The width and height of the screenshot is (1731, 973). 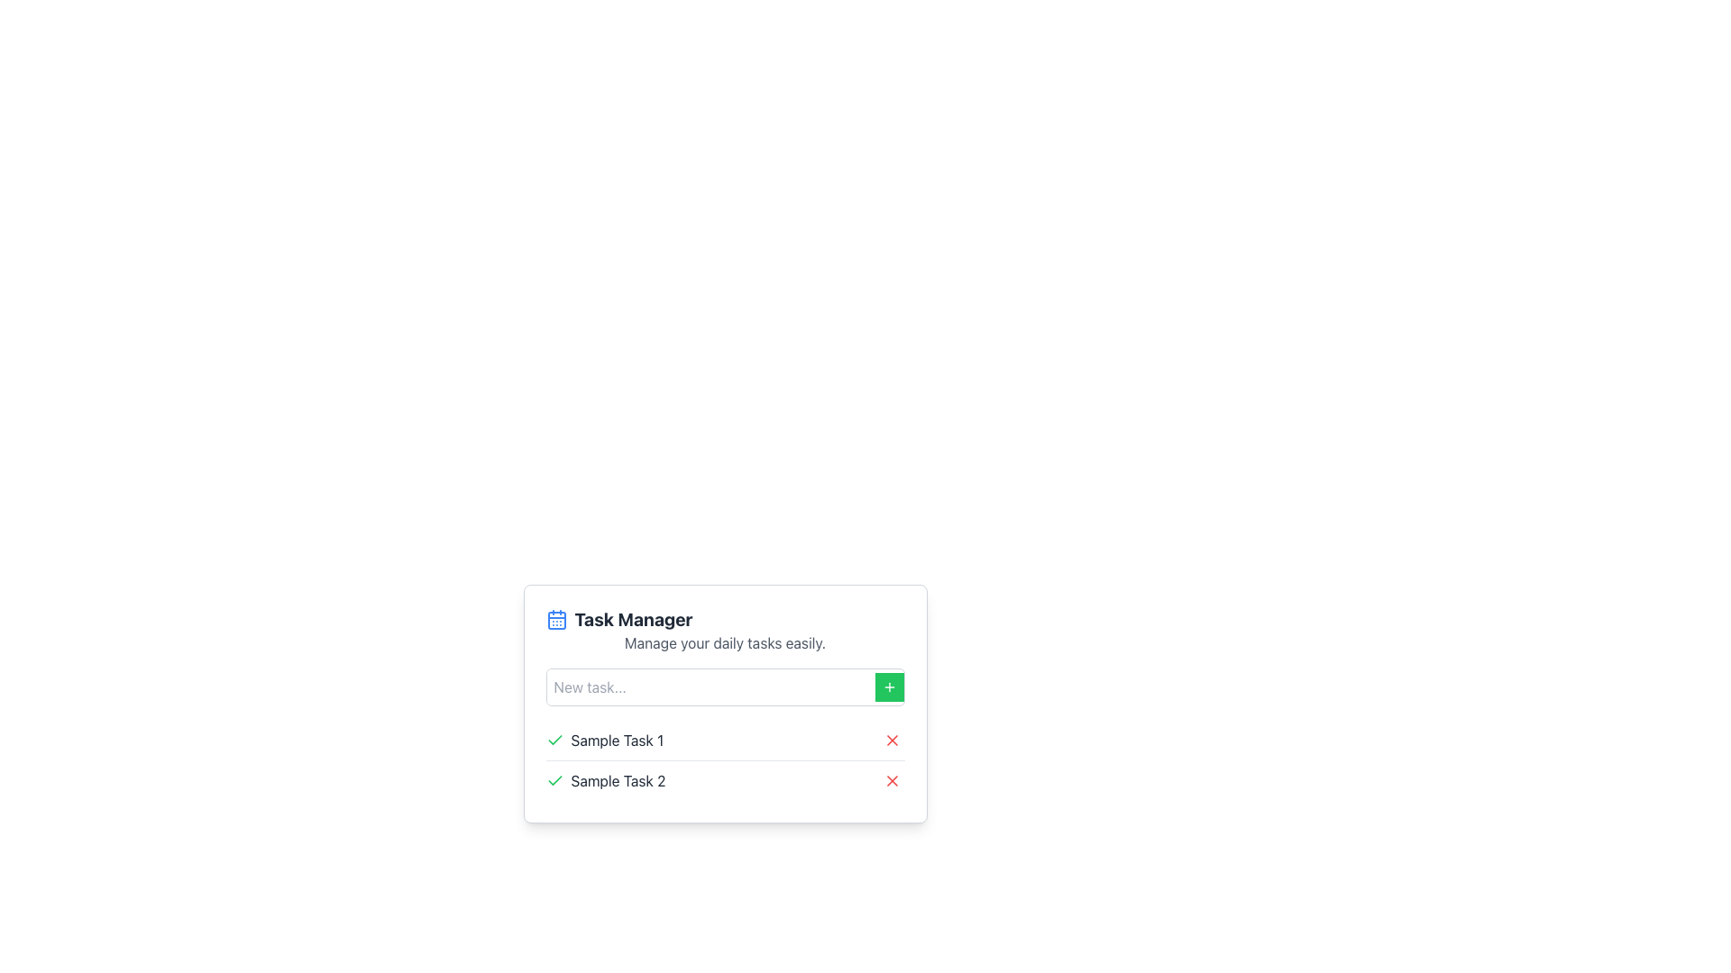 What do you see at coordinates (555, 620) in the screenshot?
I see `the small rectangle with rounded corners inside the main calendar icon, located to the left of the text 'Task Manager'` at bounding box center [555, 620].